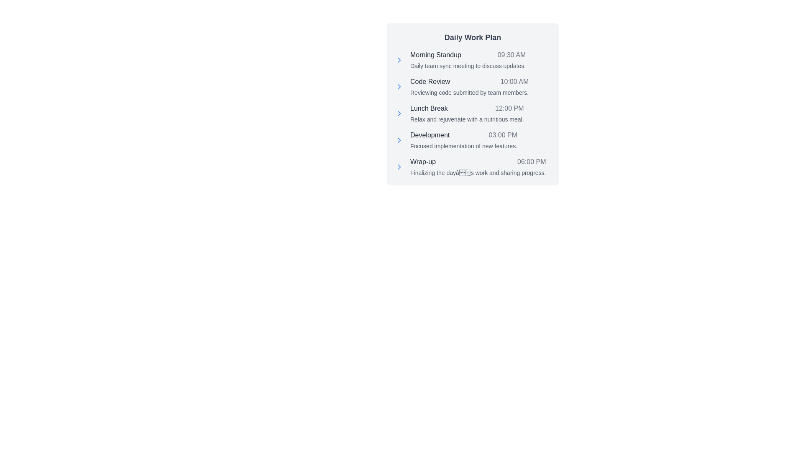 This screenshot has height=451, width=803. I want to click on the SVG Icon next to the 'Lunch Break' label, so click(399, 114).